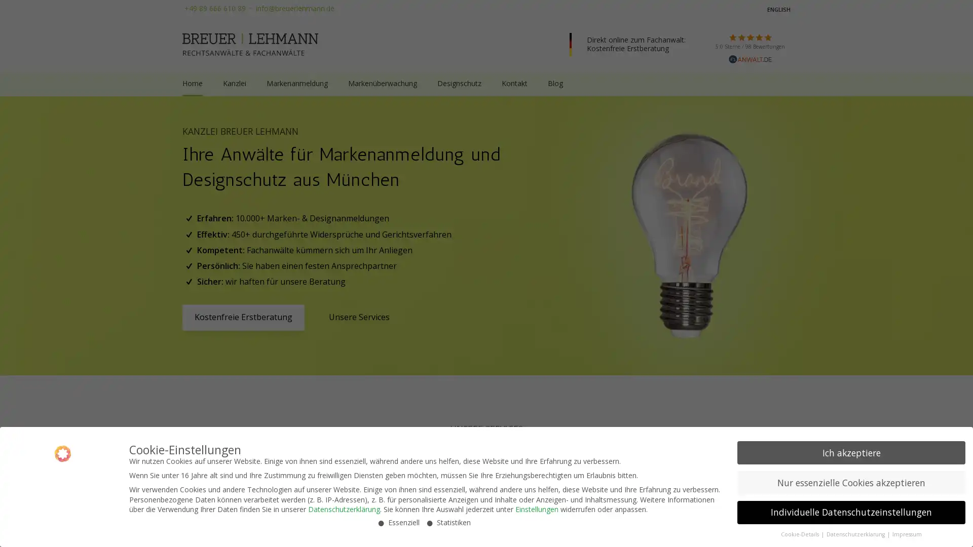  I want to click on Ich akzeptiere, so click(851, 452).